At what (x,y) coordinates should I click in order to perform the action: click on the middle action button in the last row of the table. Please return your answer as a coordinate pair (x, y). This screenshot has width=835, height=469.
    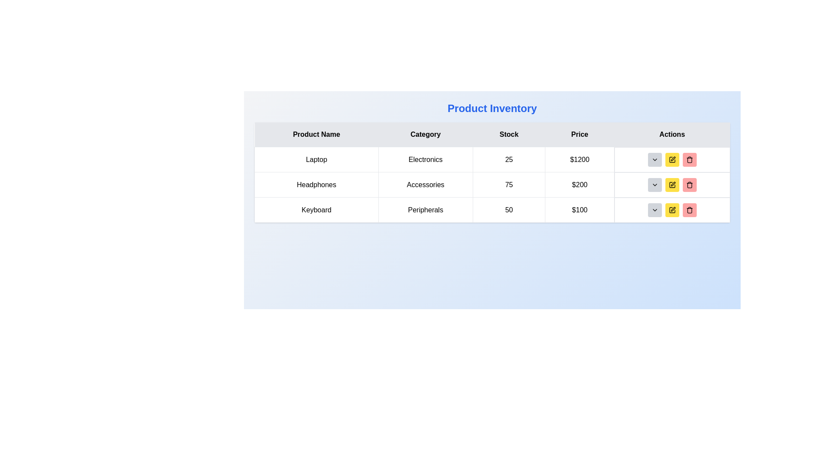
    Looking at the image, I should click on (671, 210).